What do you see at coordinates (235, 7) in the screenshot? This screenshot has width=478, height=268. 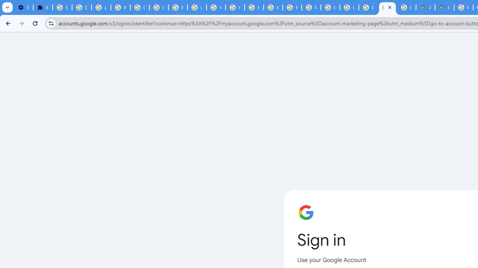 I see `'https://scholar.google.com/'` at bounding box center [235, 7].